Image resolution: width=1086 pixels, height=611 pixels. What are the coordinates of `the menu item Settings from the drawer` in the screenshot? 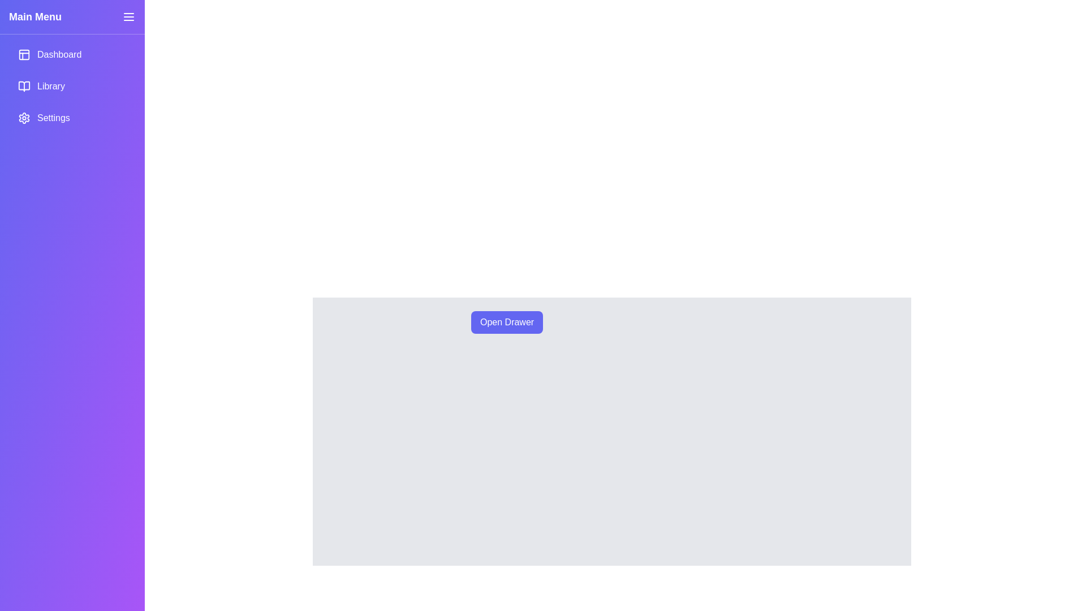 It's located at (72, 118).